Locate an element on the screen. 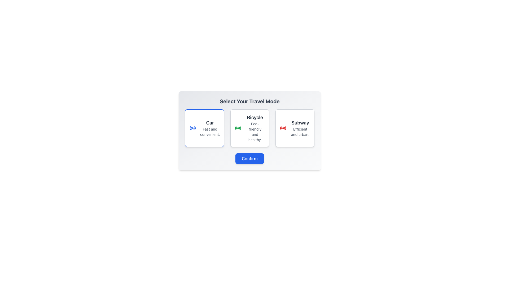  description text block located beneath the 'Bicycle' label in the central card of the UI is located at coordinates (255, 131).